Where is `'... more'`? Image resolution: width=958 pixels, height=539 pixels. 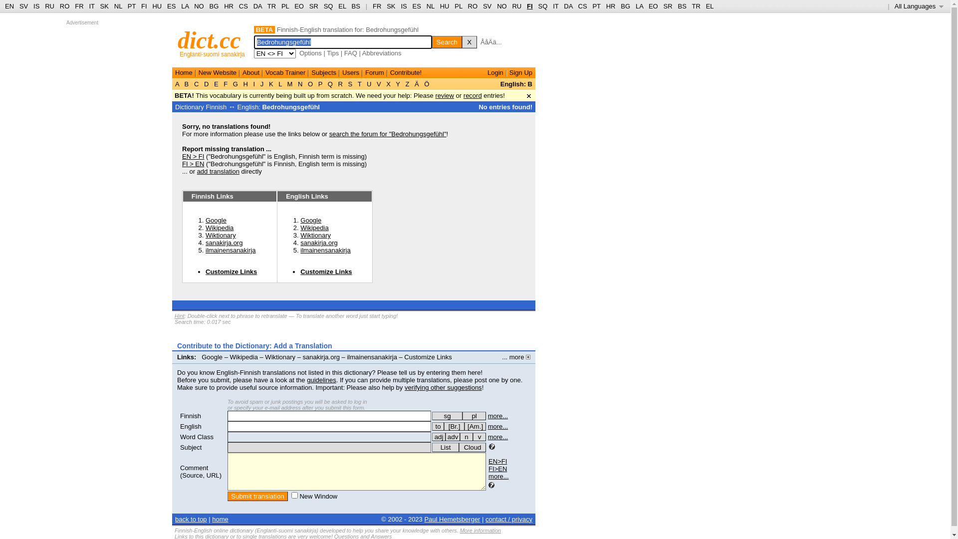 '... more' is located at coordinates (516, 356).